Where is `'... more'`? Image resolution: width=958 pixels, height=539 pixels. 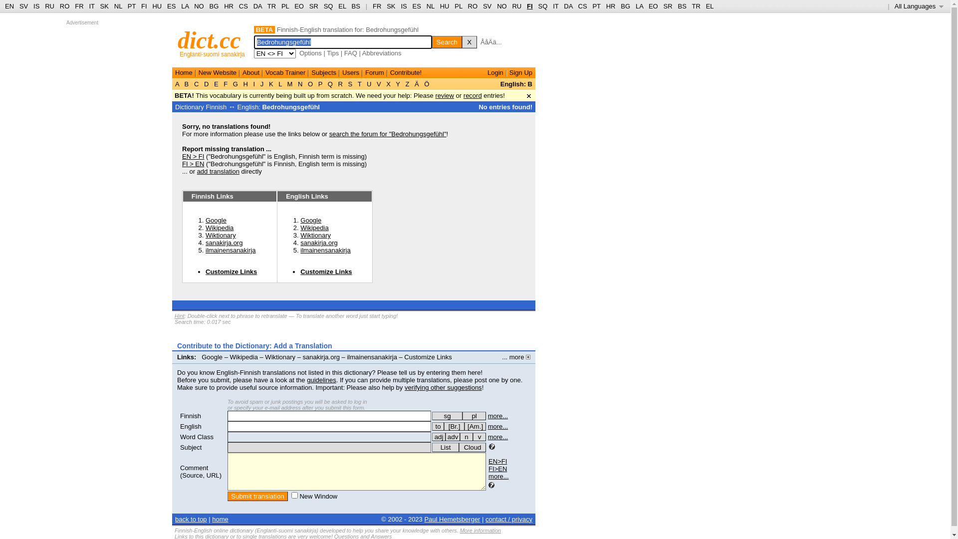 '... more' is located at coordinates (516, 356).